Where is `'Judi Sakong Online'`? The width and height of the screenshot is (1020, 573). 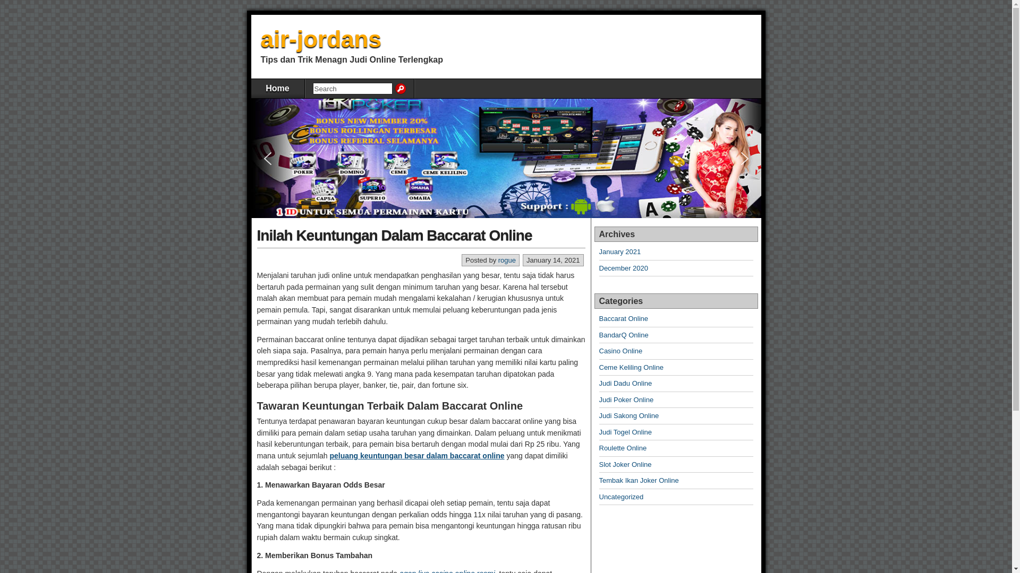
'Judi Sakong Online' is located at coordinates (629, 415).